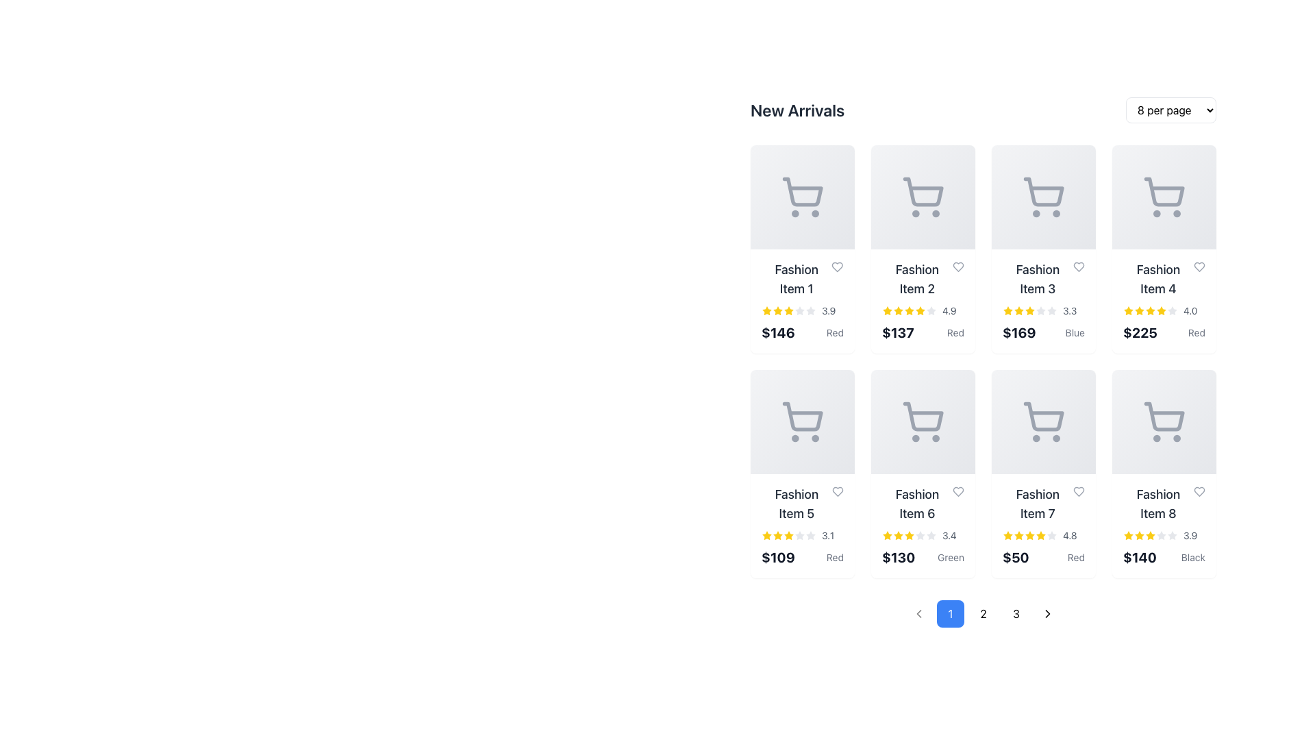 Image resolution: width=1315 pixels, height=740 pixels. Describe the element at coordinates (982, 613) in the screenshot. I see `the circular button with the number '2' inside it, which is part of the pagination interface at the bottom of the grid layout` at that location.